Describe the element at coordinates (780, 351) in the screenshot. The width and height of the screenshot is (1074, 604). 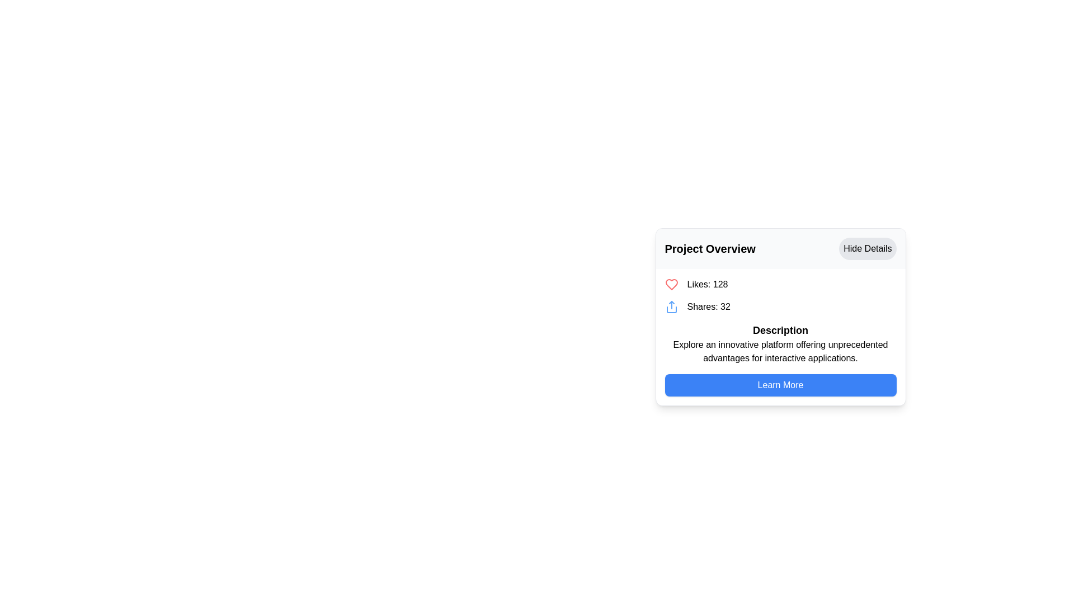
I see `text content of the Text Block located under the 'Description' heading, which contains the sentence 'Explore an innovative platform offering unprecedented advantages for interactive applications.'` at that location.